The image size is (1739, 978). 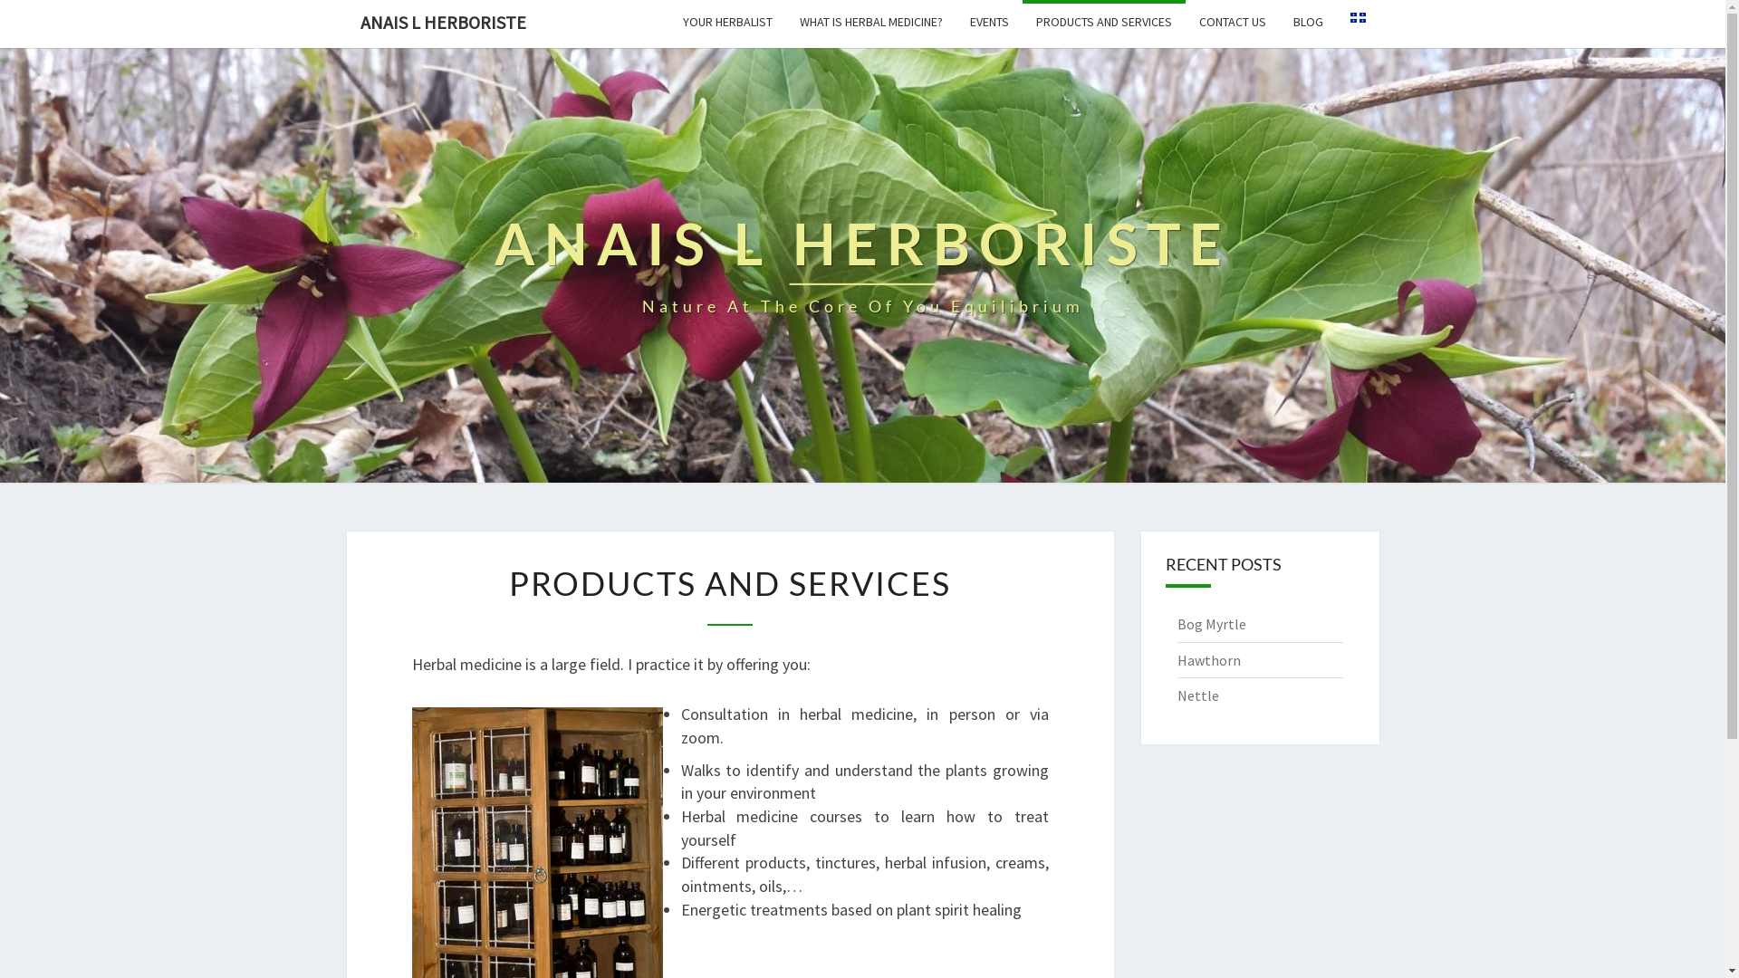 What do you see at coordinates (1277, 21) in the screenshot?
I see `'BLOG'` at bounding box center [1277, 21].